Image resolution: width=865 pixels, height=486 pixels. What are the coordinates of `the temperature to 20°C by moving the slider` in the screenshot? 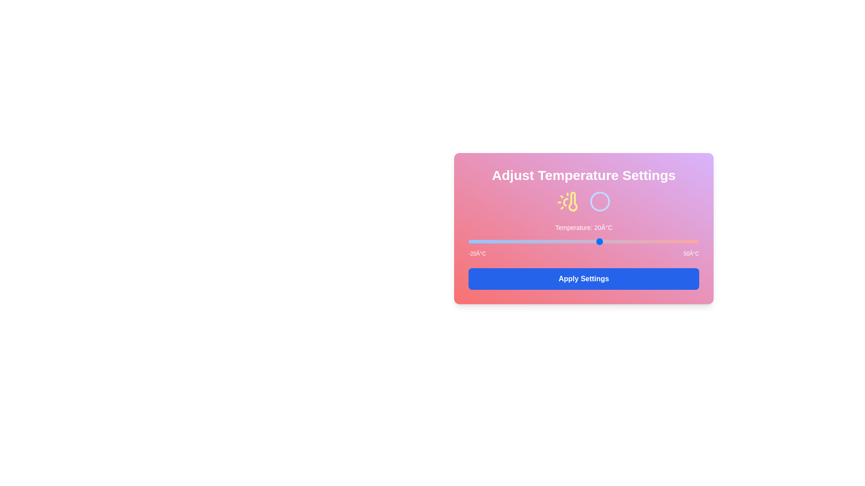 It's located at (600, 241).